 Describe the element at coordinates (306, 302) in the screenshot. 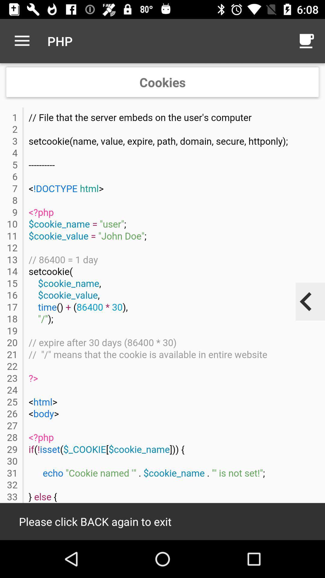

I see `the arrow_backward icon` at that location.